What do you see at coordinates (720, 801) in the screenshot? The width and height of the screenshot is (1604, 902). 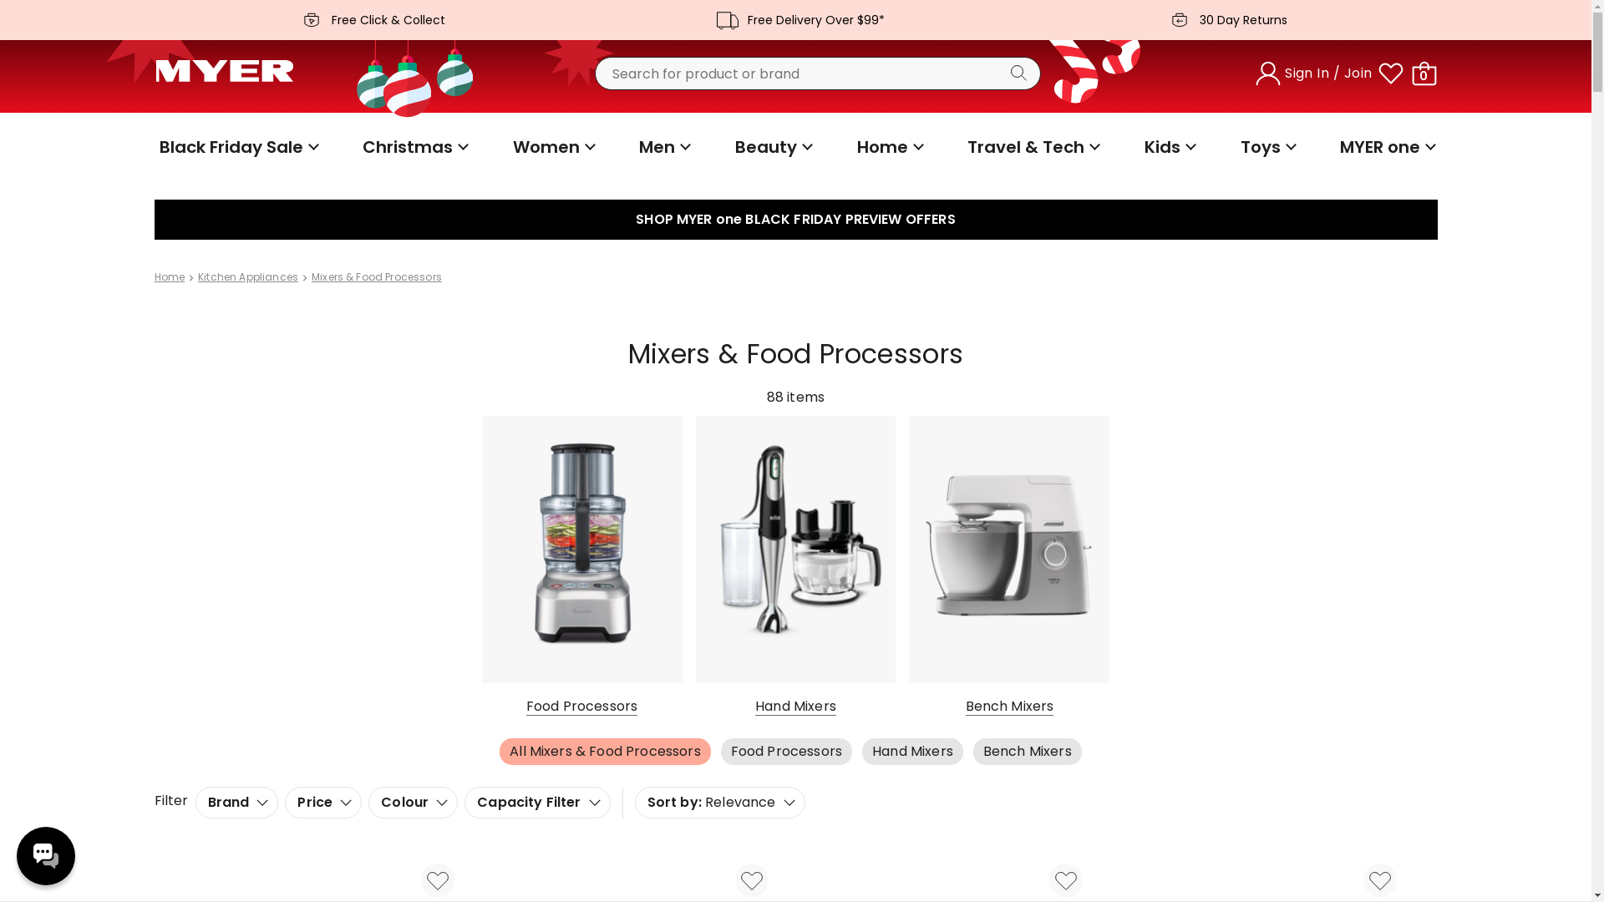 I see `'Sort by: Relevance'` at bounding box center [720, 801].